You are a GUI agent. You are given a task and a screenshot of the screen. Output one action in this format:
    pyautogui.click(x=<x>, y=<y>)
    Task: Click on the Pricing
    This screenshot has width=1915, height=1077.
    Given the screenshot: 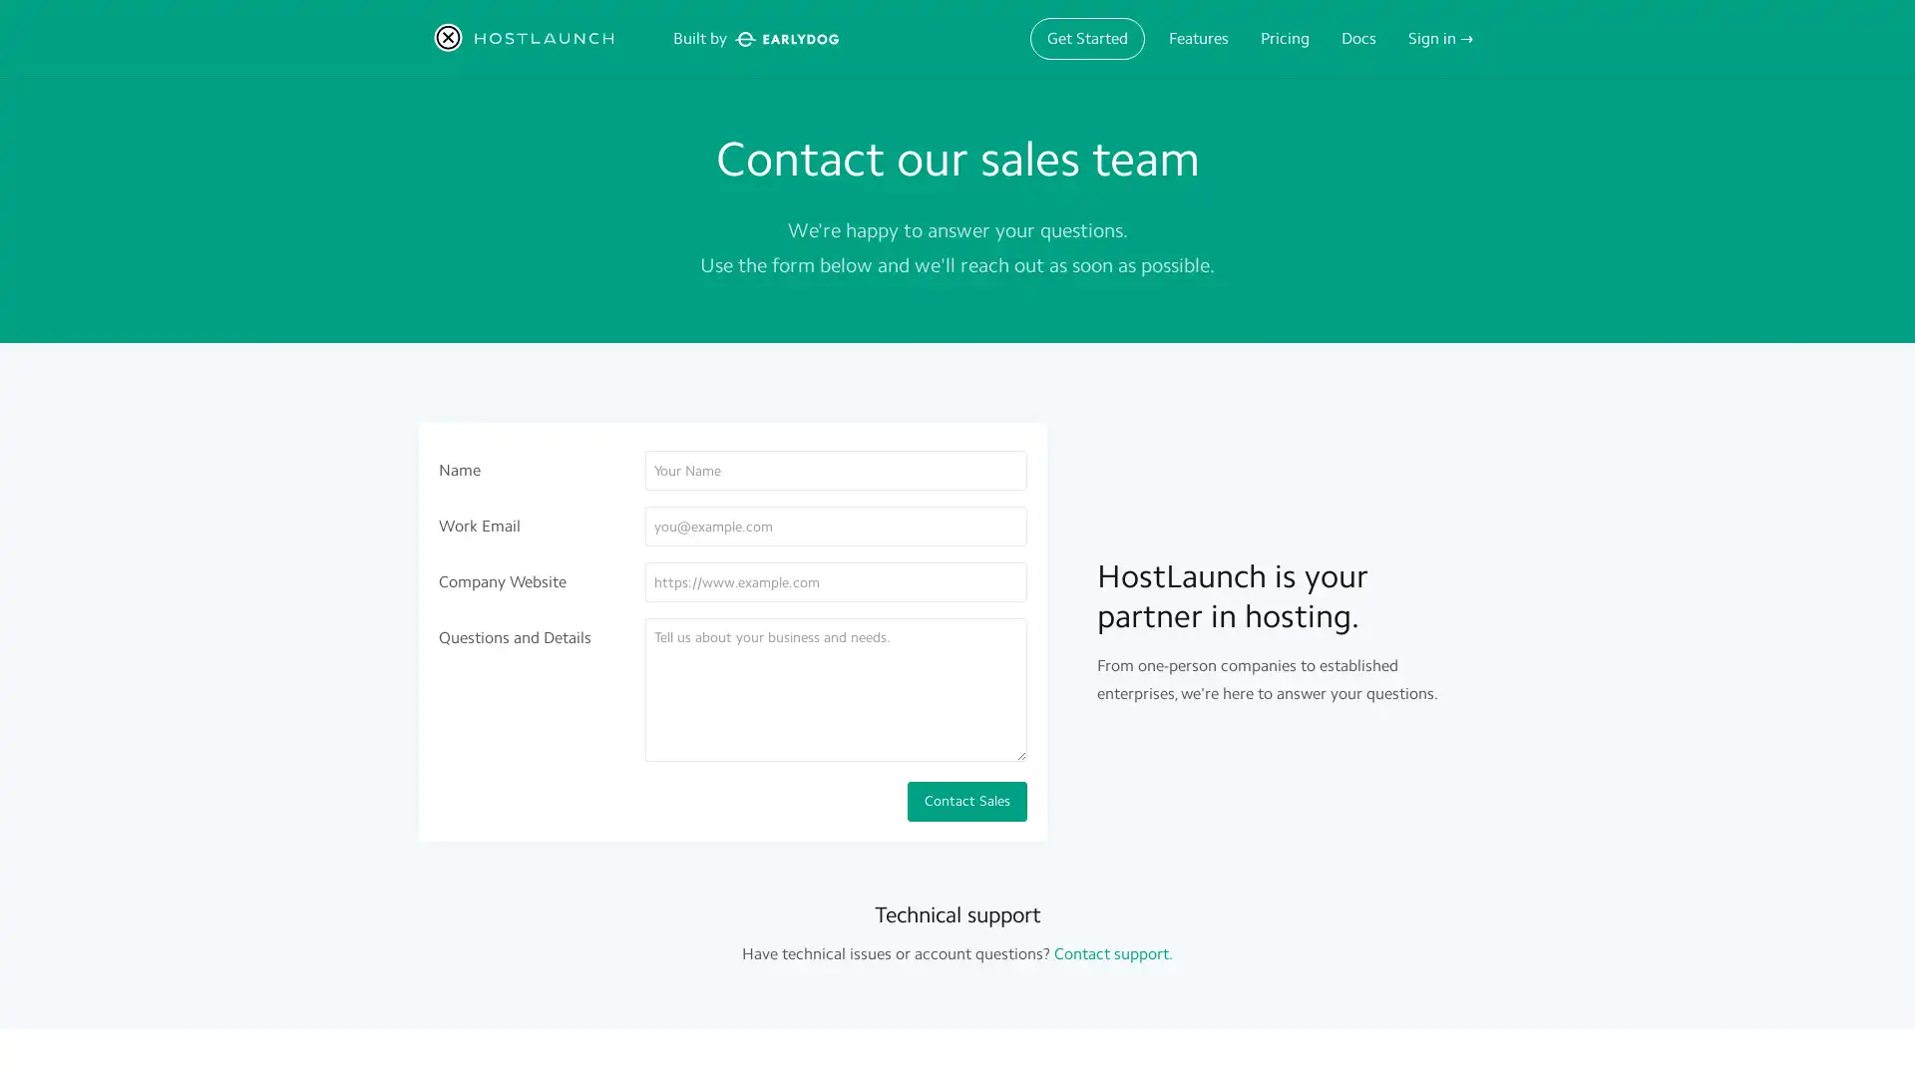 What is the action you would take?
    pyautogui.click(x=1285, y=38)
    